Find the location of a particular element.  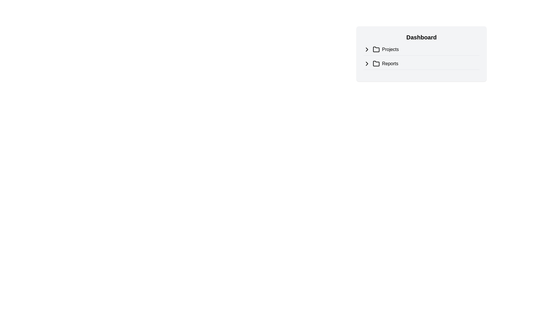

the first vector graphic icon representing the 'Projects' section in the 'Dashboard' is located at coordinates (376, 49).